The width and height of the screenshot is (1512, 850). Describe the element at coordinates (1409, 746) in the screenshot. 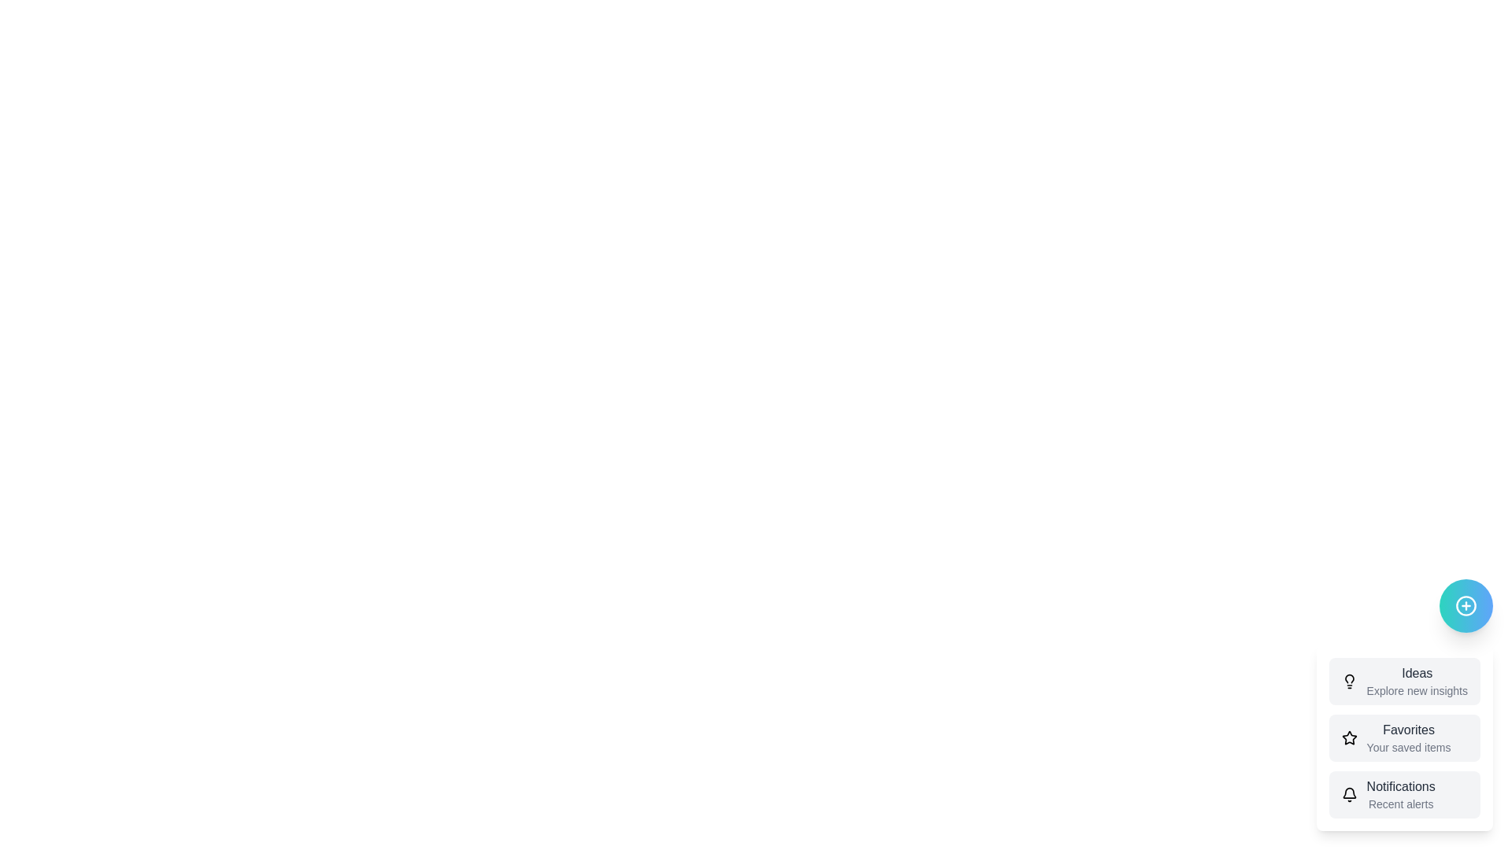

I see `the text label 'Your saved items' which serves as a descriptive subtitle for the 'Favorites' category, located in the lower-right corner of the interface under 'Favorites'` at that location.